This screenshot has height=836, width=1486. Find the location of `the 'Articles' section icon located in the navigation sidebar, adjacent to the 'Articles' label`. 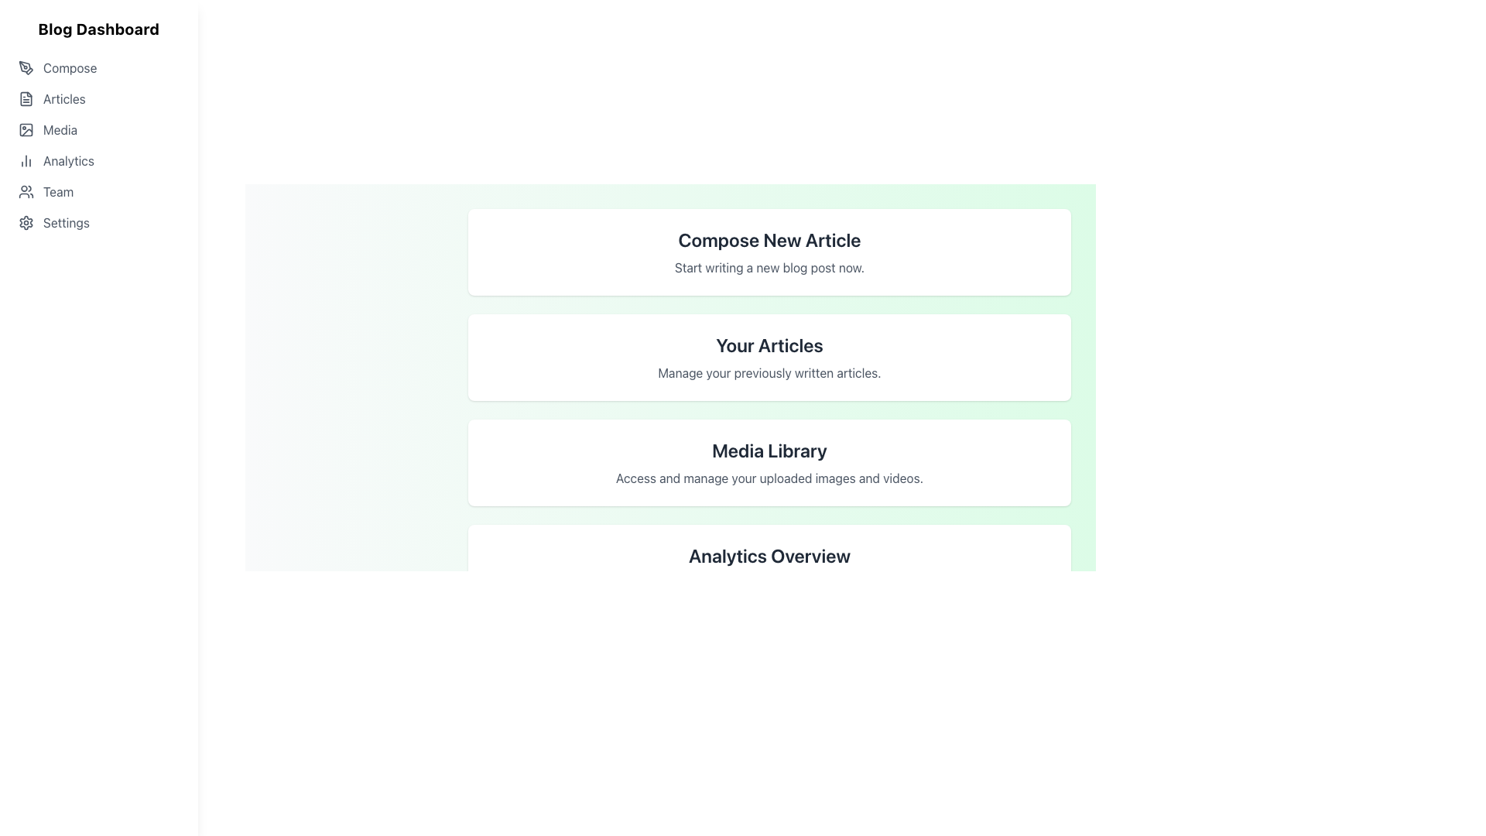

the 'Articles' section icon located in the navigation sidebar, adjacent to the 'Articles' label is located at coordinates (26, 98).